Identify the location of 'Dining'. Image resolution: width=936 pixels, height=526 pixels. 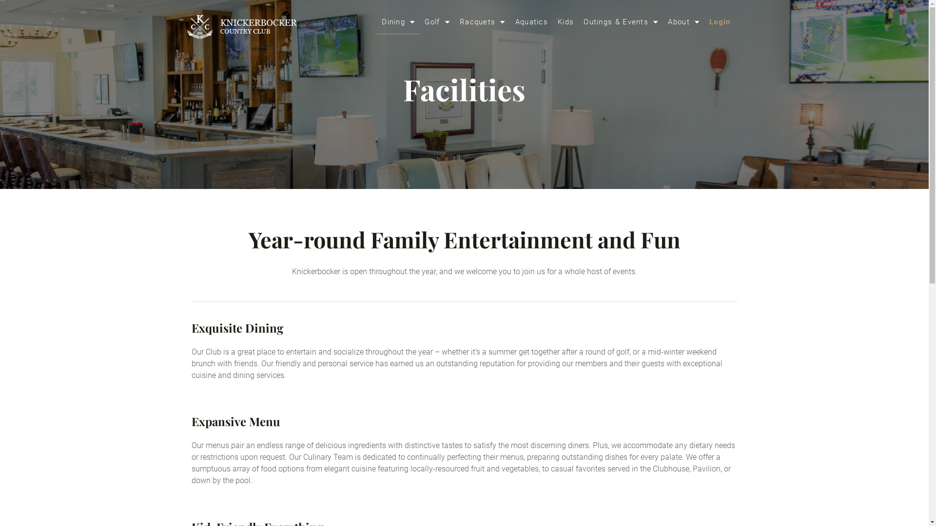
(376, 22).